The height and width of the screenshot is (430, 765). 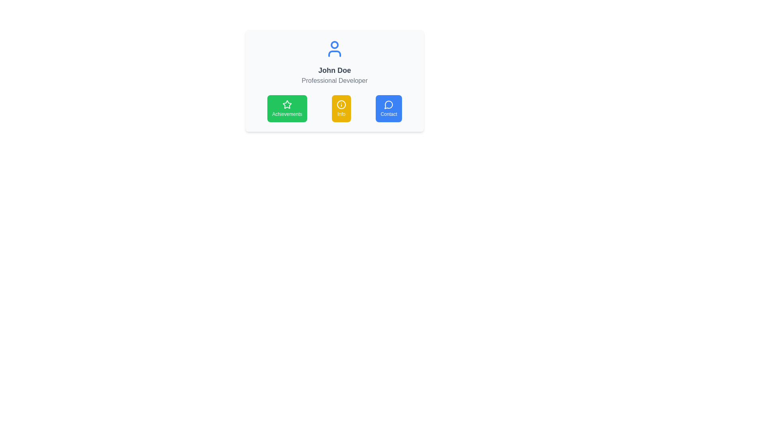 What do you see at coordinates (287, 109) in the screenshot?
I see `the 'Achievements' button, which is a vibrant green rectangular button with a white star icon and white text` at bounding box center [287, 109].